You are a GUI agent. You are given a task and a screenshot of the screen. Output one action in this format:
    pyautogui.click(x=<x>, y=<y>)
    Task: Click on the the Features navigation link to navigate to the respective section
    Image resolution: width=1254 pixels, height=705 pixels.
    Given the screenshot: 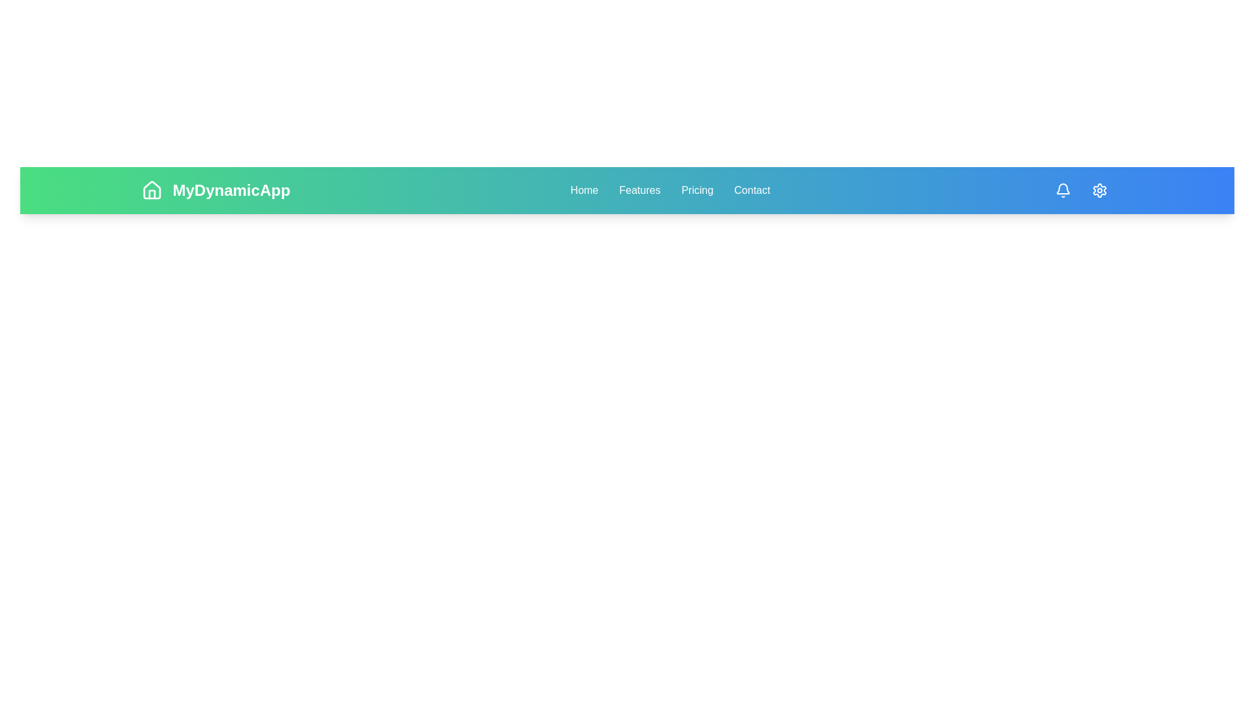 What is the action you would take?
    pyautogui.click(x=639, y=191)
    